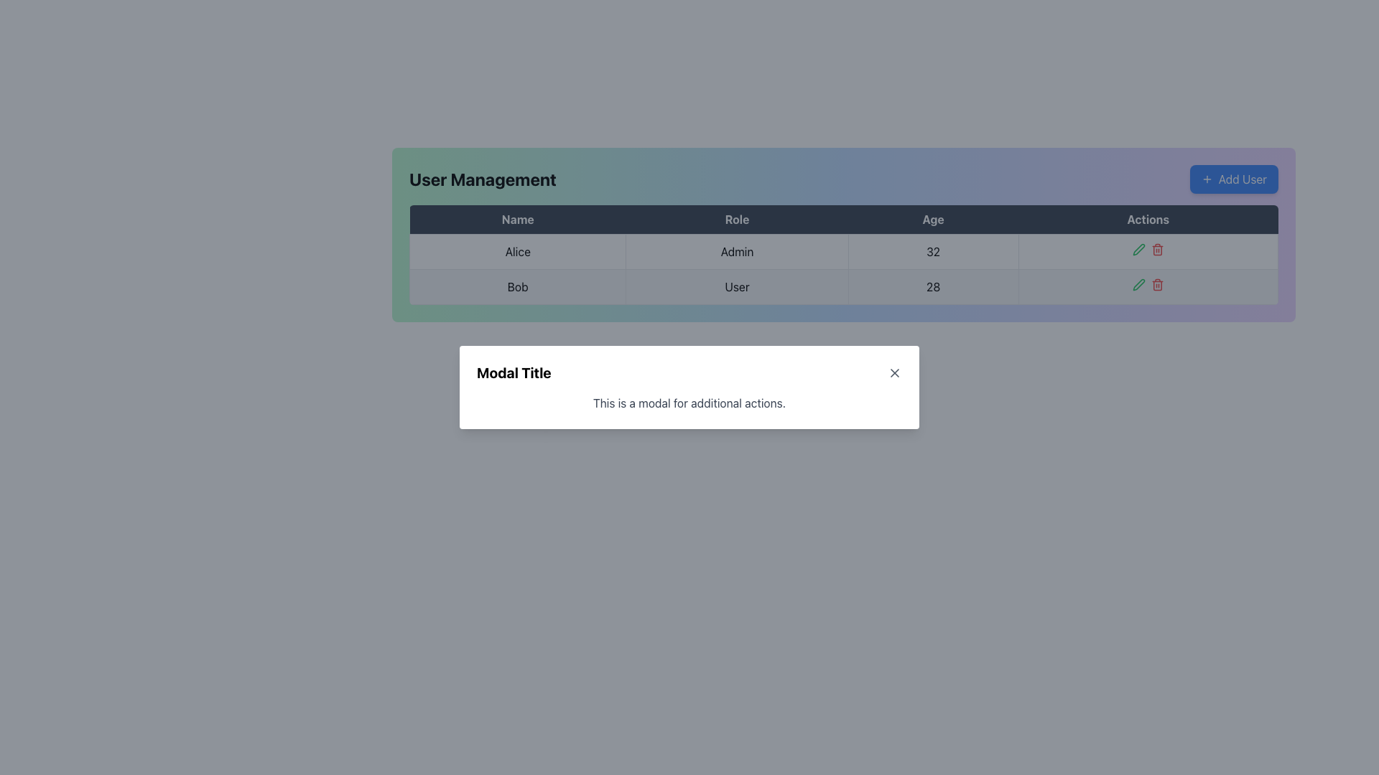  I want to click on the Text label displaying the name 'Bob', which is located in the second row of the table under the 'Name' column, so click(517, 287).